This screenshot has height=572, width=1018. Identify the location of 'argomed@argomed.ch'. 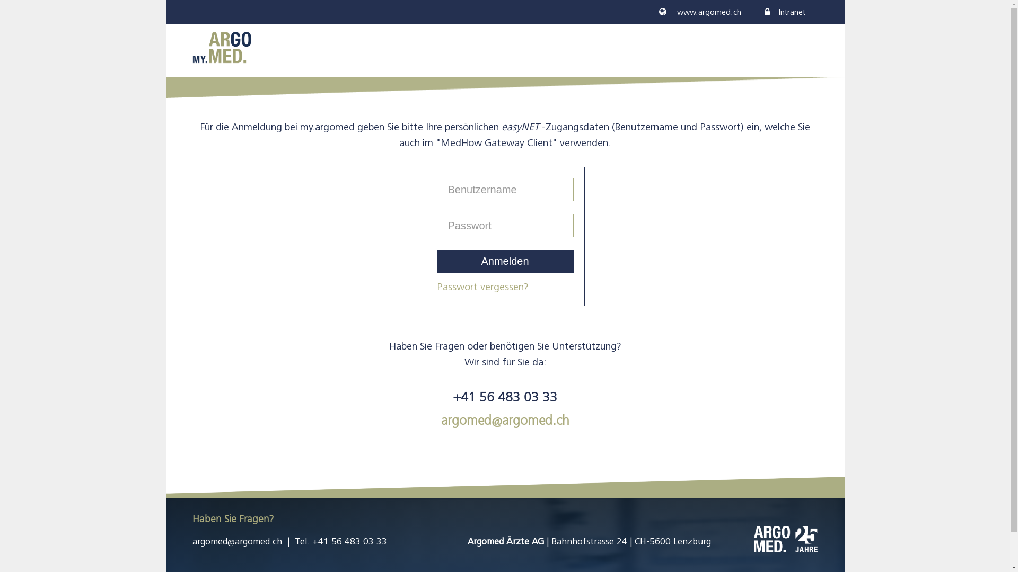
(236, 541).